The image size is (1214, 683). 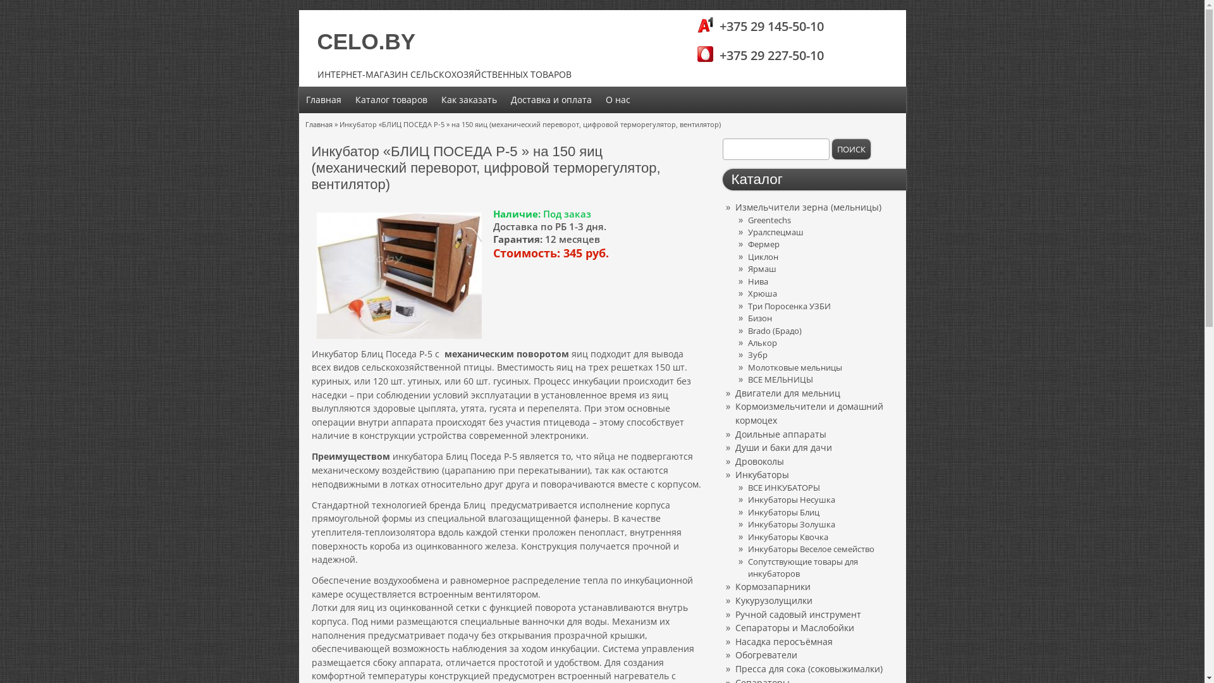 I want to click on '+375 29 145-50-10', so click(x=762, y=27).